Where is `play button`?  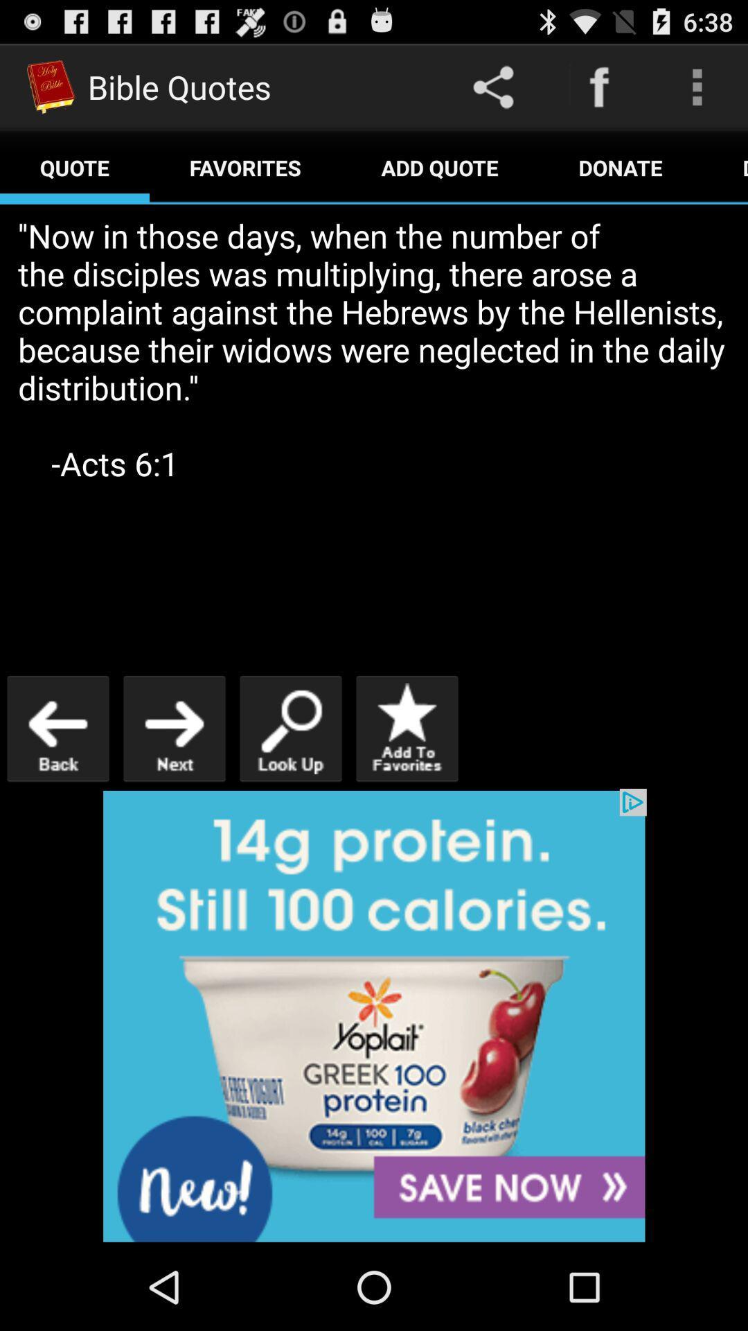
play button is located at coordinates (173, 728).